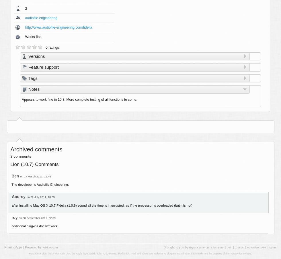 This screenshot has height=259, width=281. I want to click on 'Andrey', so click(18, 196).